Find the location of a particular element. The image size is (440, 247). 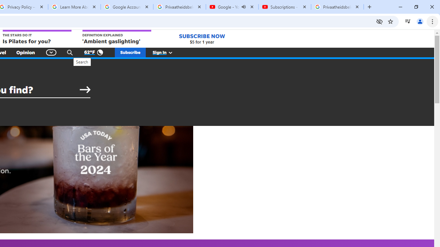

'THE STARS DO IT Is Pilates for you?' is located at coordinates (36, 37).